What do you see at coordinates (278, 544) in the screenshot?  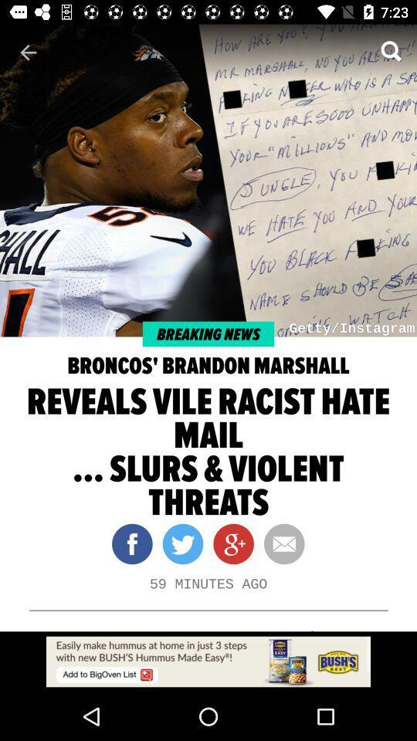 I see `the email icon` at bounding box center [278, 544].